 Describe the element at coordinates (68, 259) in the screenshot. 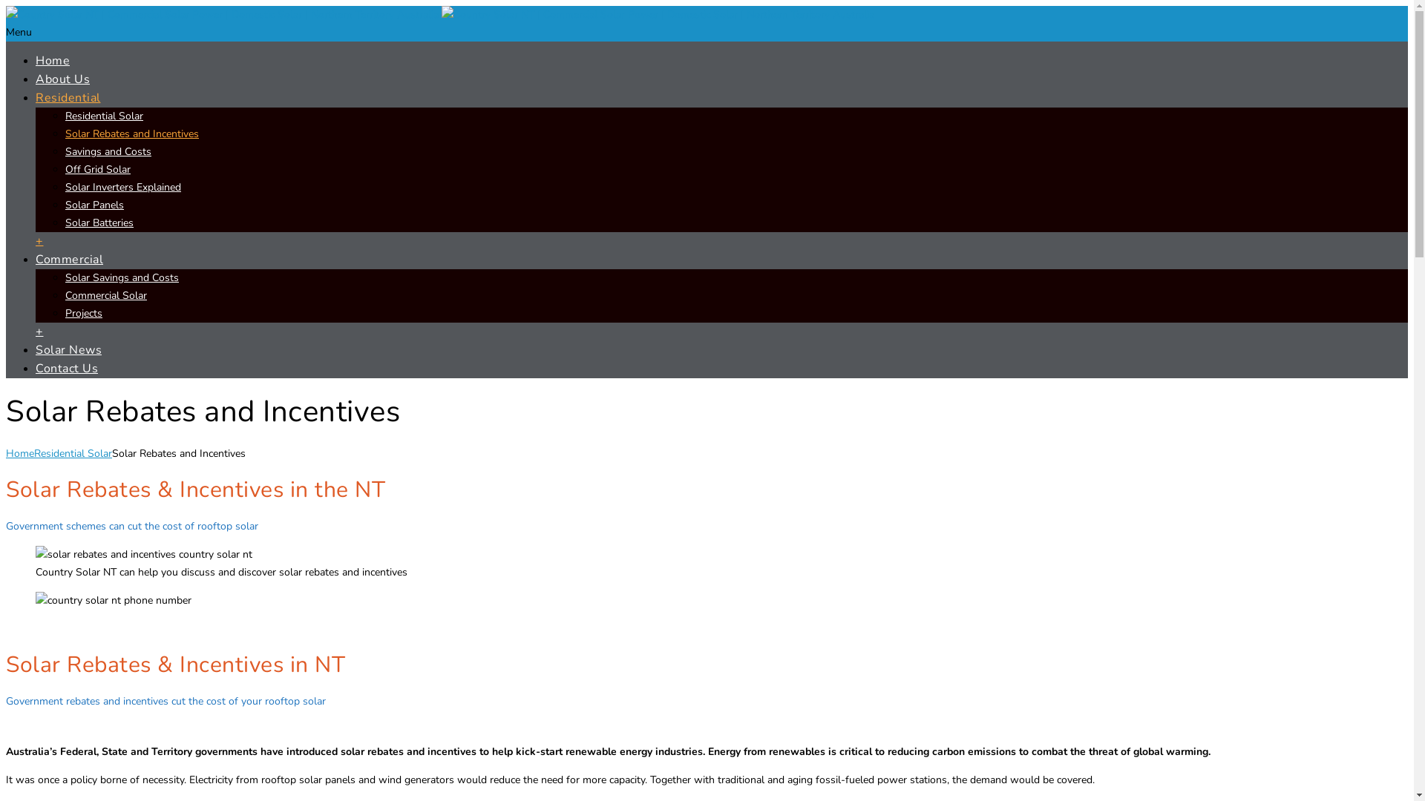

I see `'Commercial'` at that location.